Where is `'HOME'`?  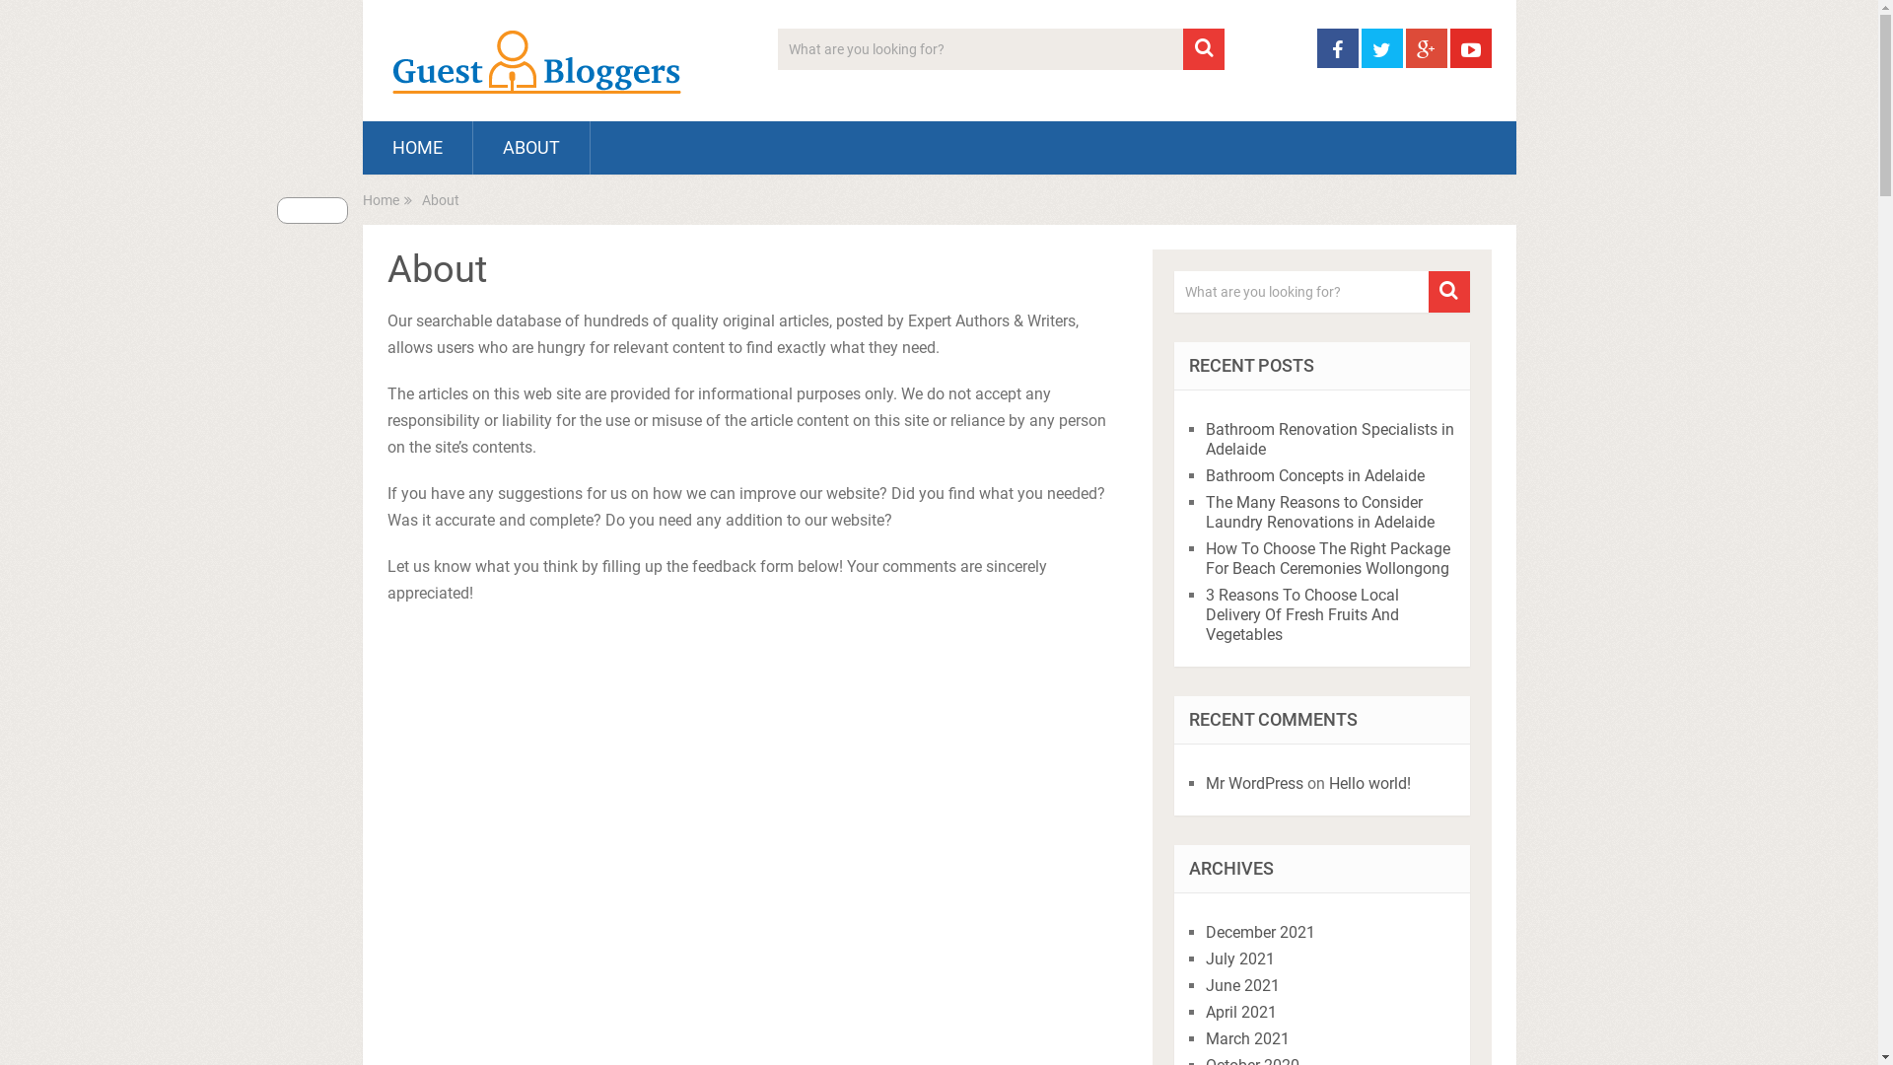
'HOME' is located at coordinates (416, 147).